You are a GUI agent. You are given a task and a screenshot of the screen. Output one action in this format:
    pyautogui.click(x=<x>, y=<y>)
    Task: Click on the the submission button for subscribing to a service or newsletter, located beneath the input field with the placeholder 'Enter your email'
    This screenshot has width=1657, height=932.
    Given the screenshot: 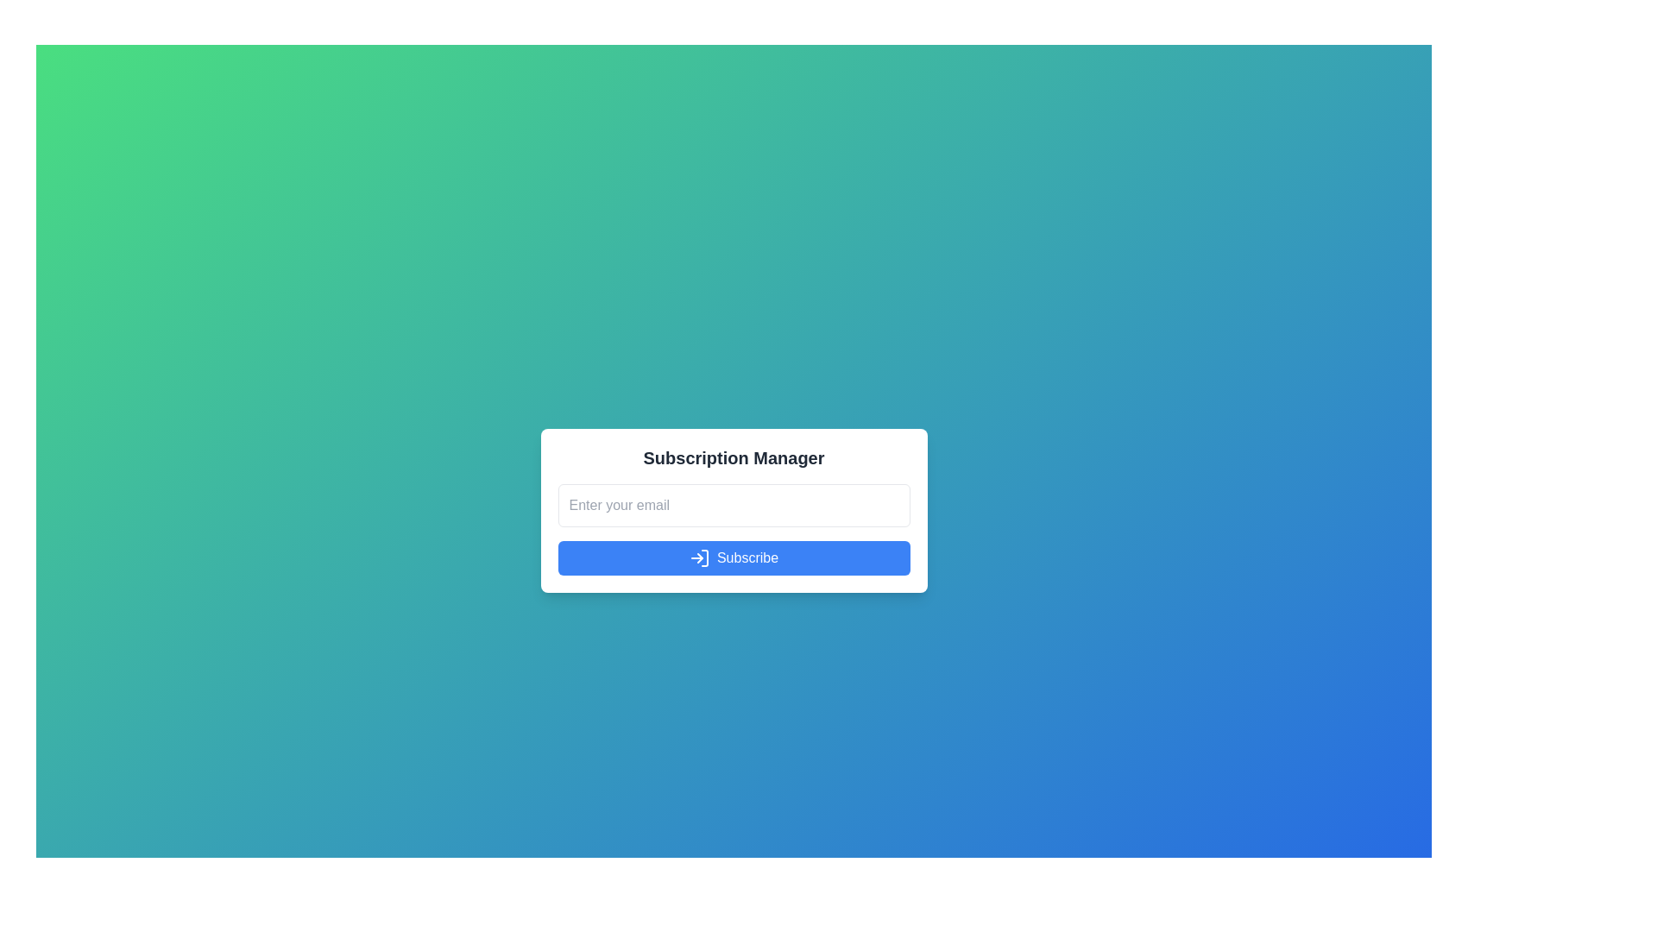 What is the action you would take?
    pyautogui.click(x=734, y=558)
    